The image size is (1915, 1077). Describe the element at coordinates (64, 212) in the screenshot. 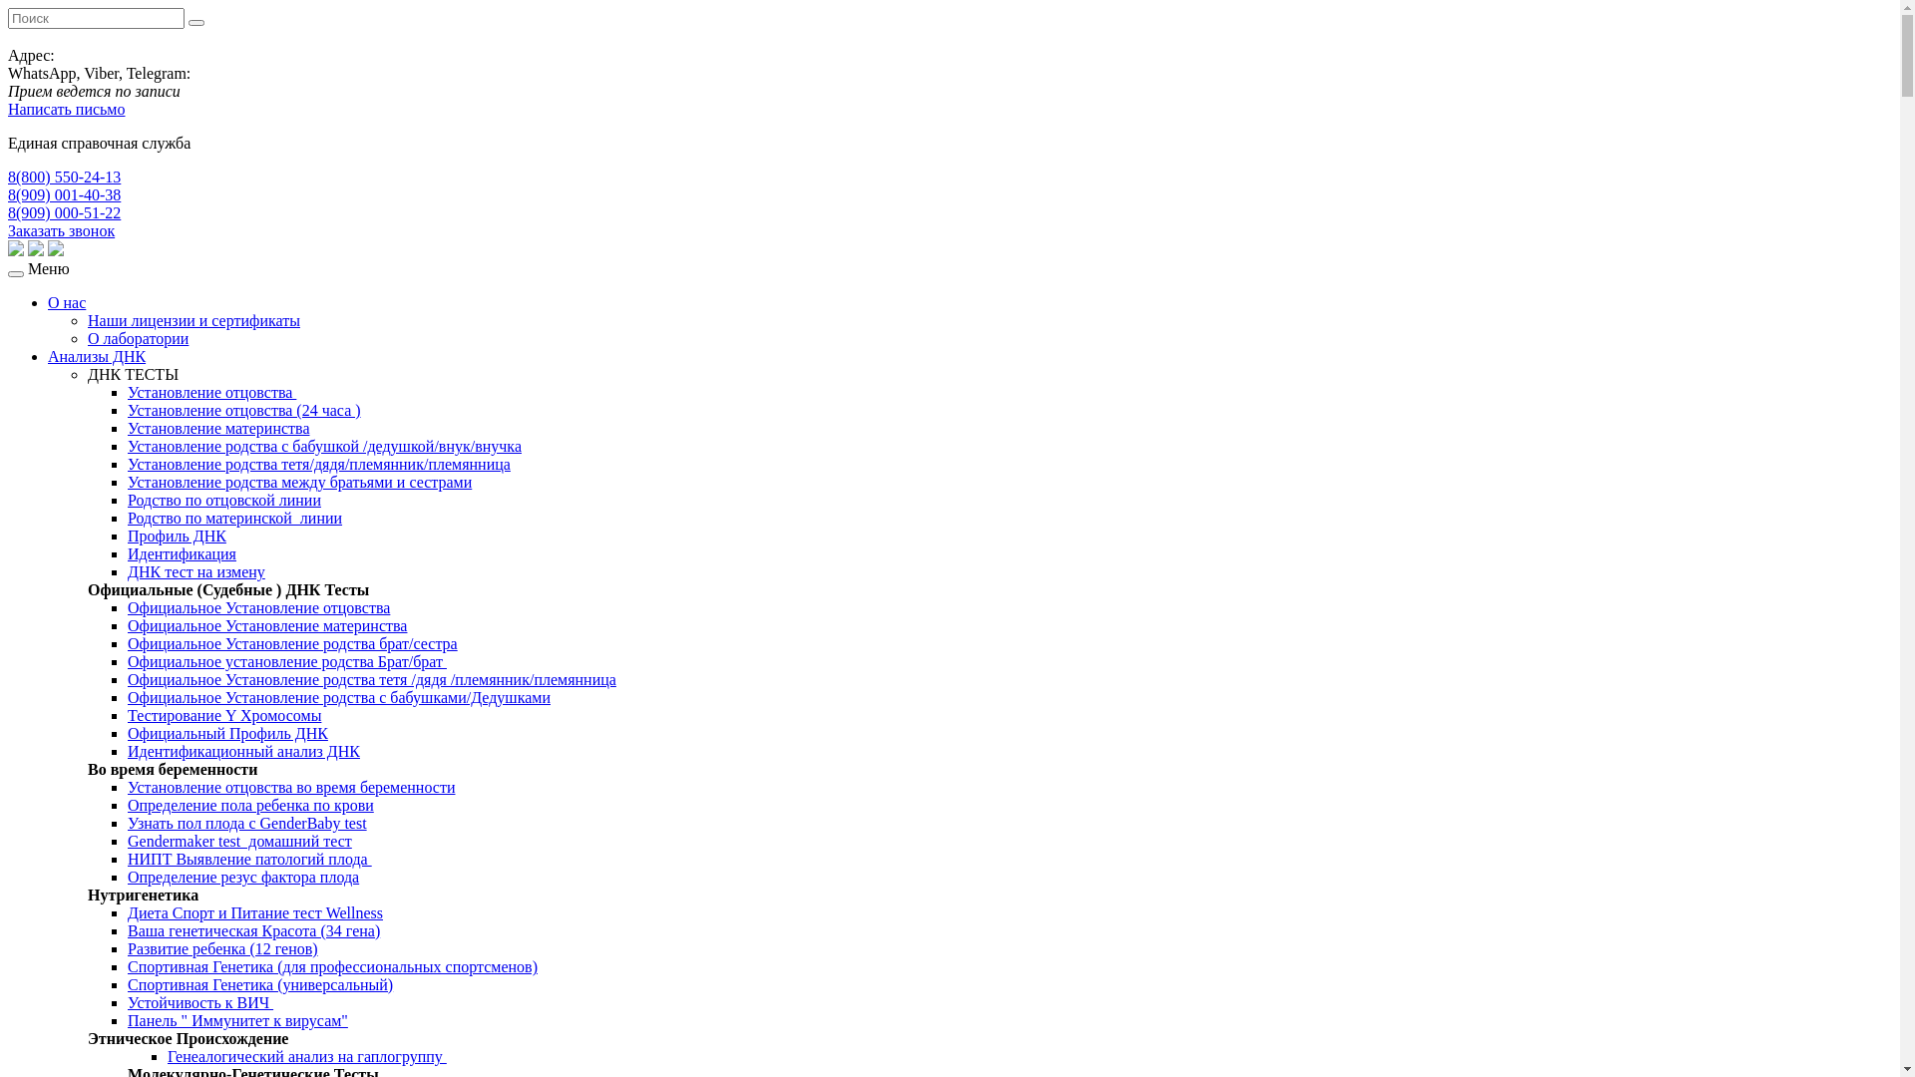

I see `'8(909) 000-51-22'` at that location.